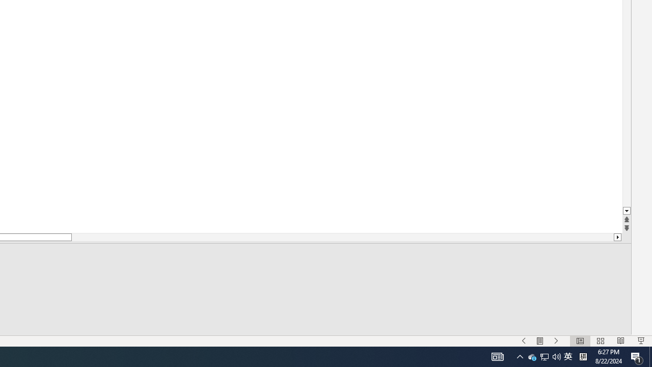 The width and height of the screenshot is (652, 367). What do you see at coordinates (524, 341) in the screenshot?
I see `'Slide Show Next On'` at bounding box center [524, 341].